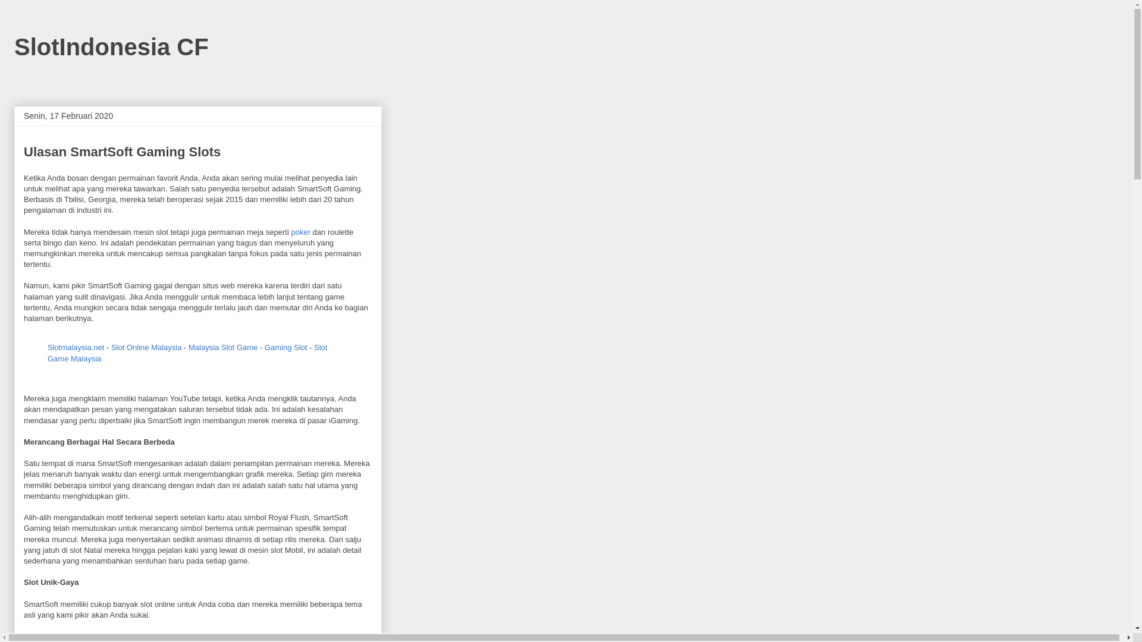 This screenshot has height=642, width=1142. I want to click on 'Gaming Slot', so click(285, 347).